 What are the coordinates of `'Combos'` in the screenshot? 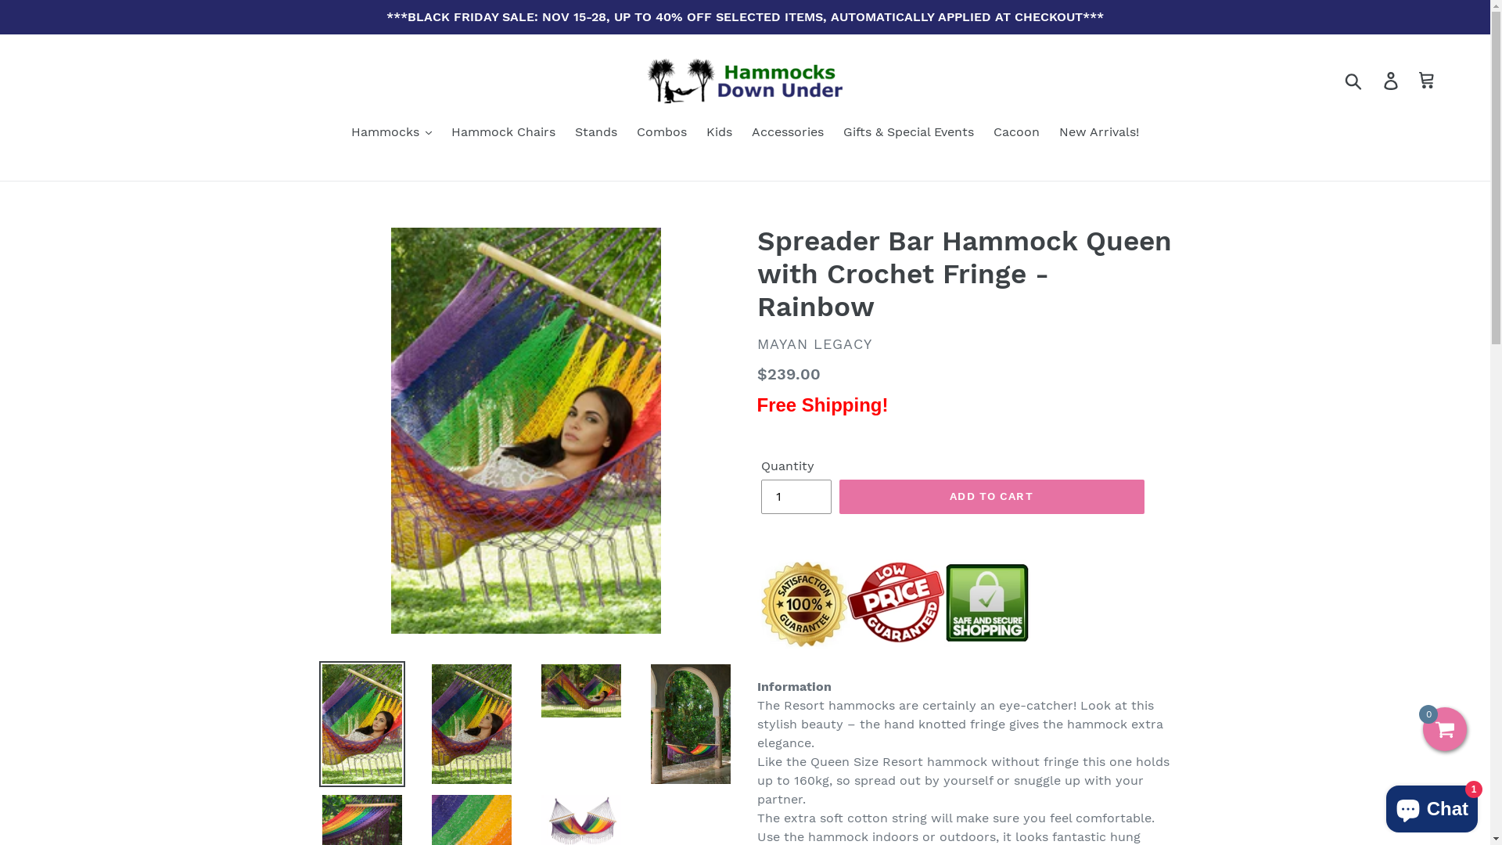 It's located at (661, 132).